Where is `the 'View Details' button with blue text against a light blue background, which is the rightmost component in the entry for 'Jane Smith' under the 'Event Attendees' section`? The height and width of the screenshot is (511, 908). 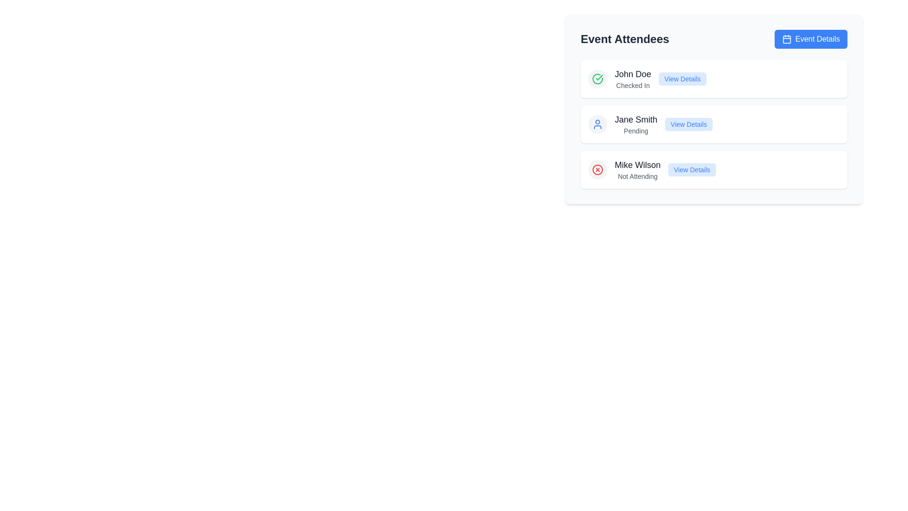
the 'View Details' button with blue text against a light blue background, which is the rightmost component in the entry for 'Jane Smith' under the 'Event Attendees' section is located at coordinates (688, 123).